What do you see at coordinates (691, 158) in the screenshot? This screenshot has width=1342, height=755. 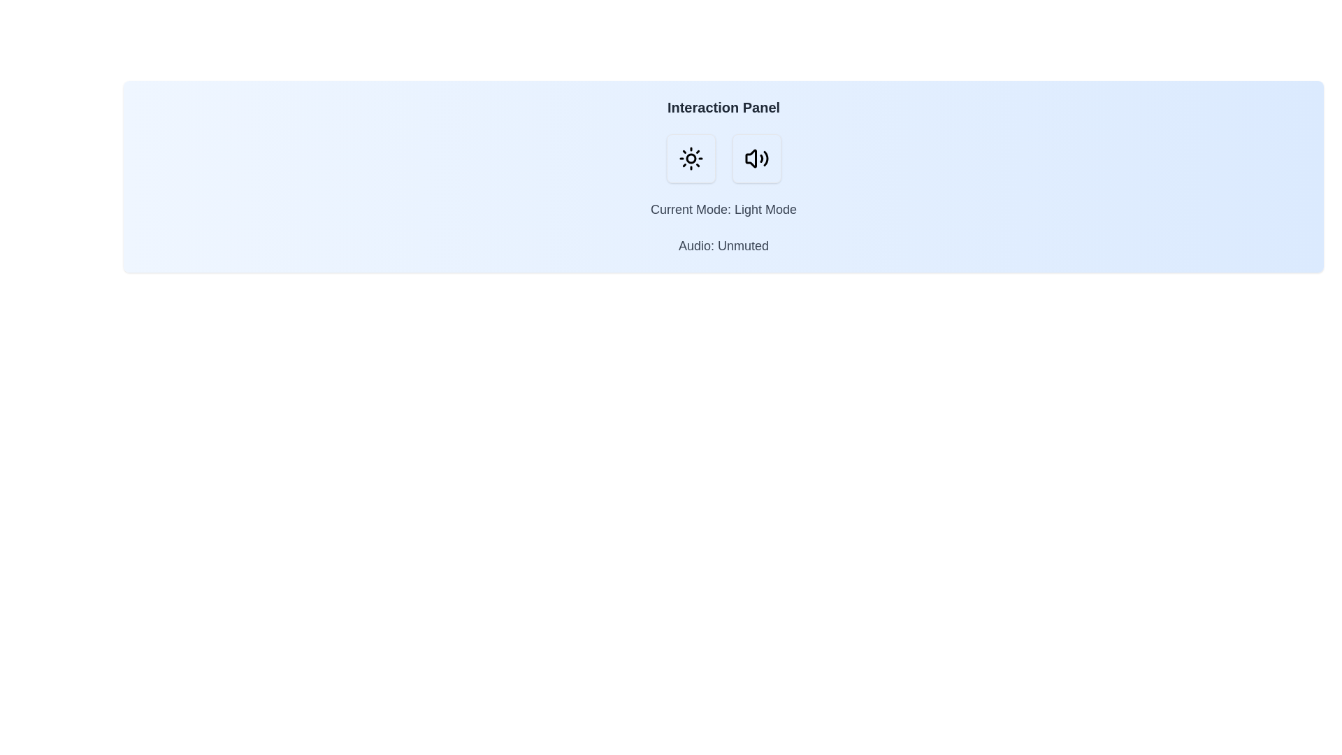 I see `the theme toggle button to switch between light and dark mode` at bounding box center [691, 158].